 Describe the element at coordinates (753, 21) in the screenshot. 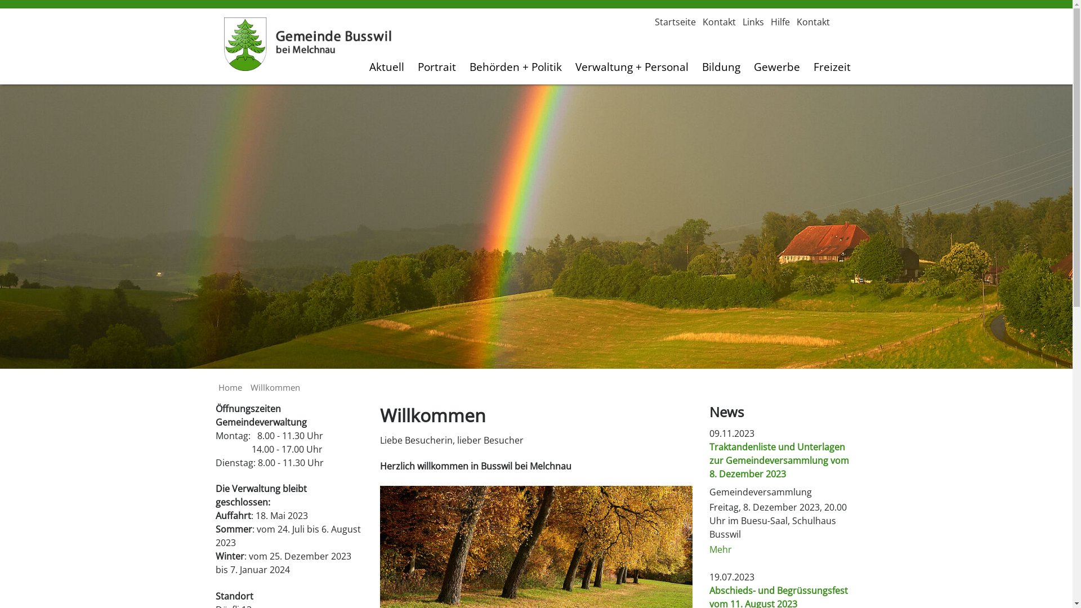

I see `'Links'` at that location.